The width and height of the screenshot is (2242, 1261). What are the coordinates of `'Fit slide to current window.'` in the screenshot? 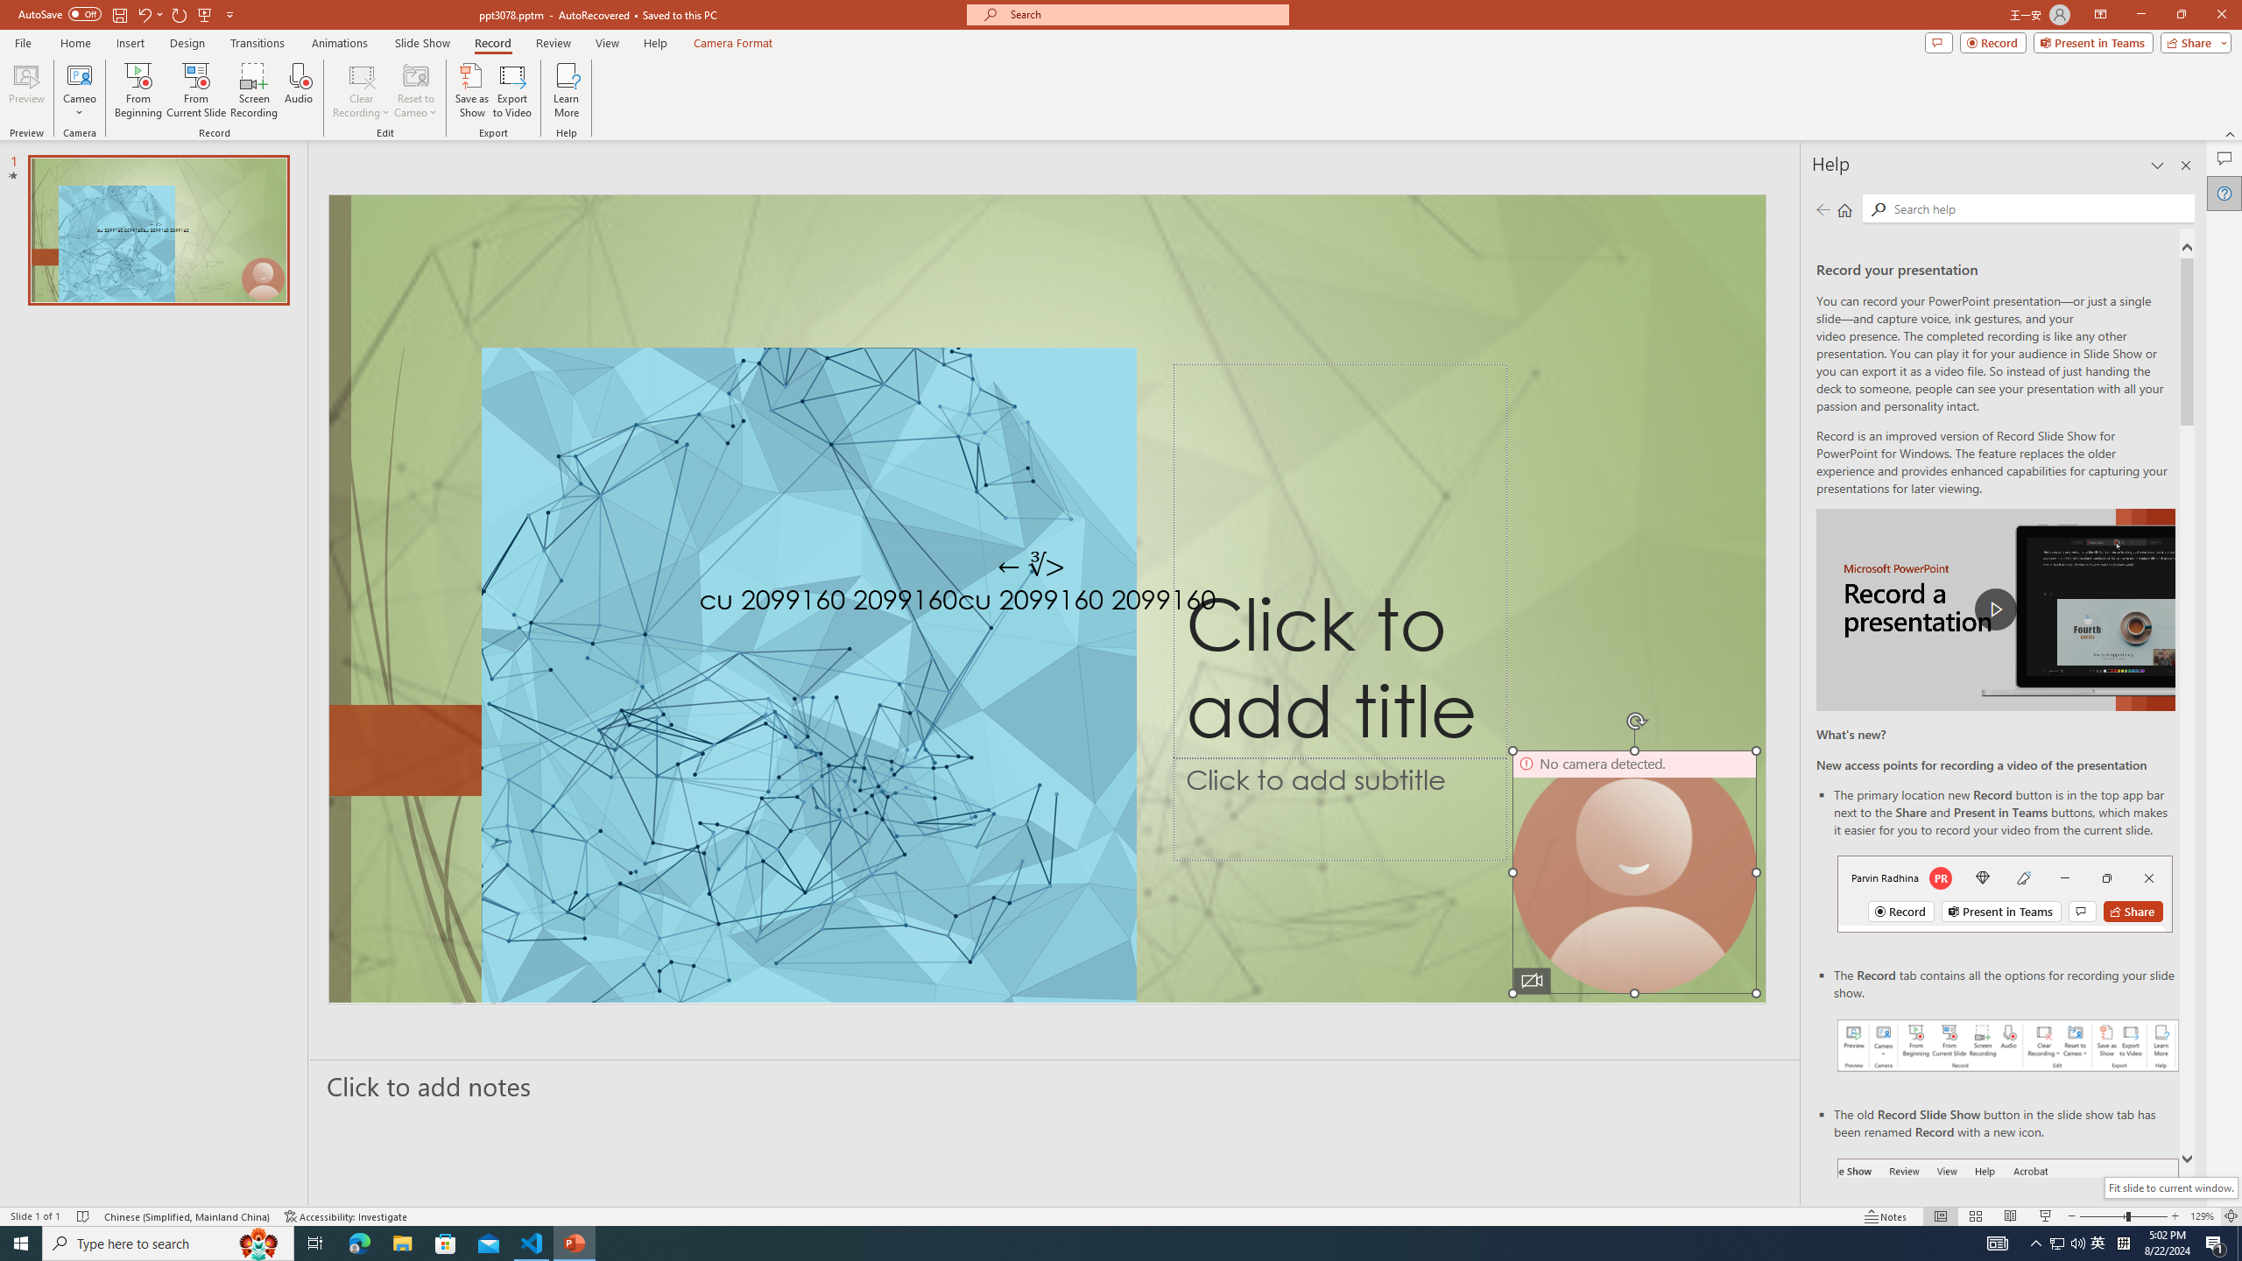 It's located at (2170, 1187).